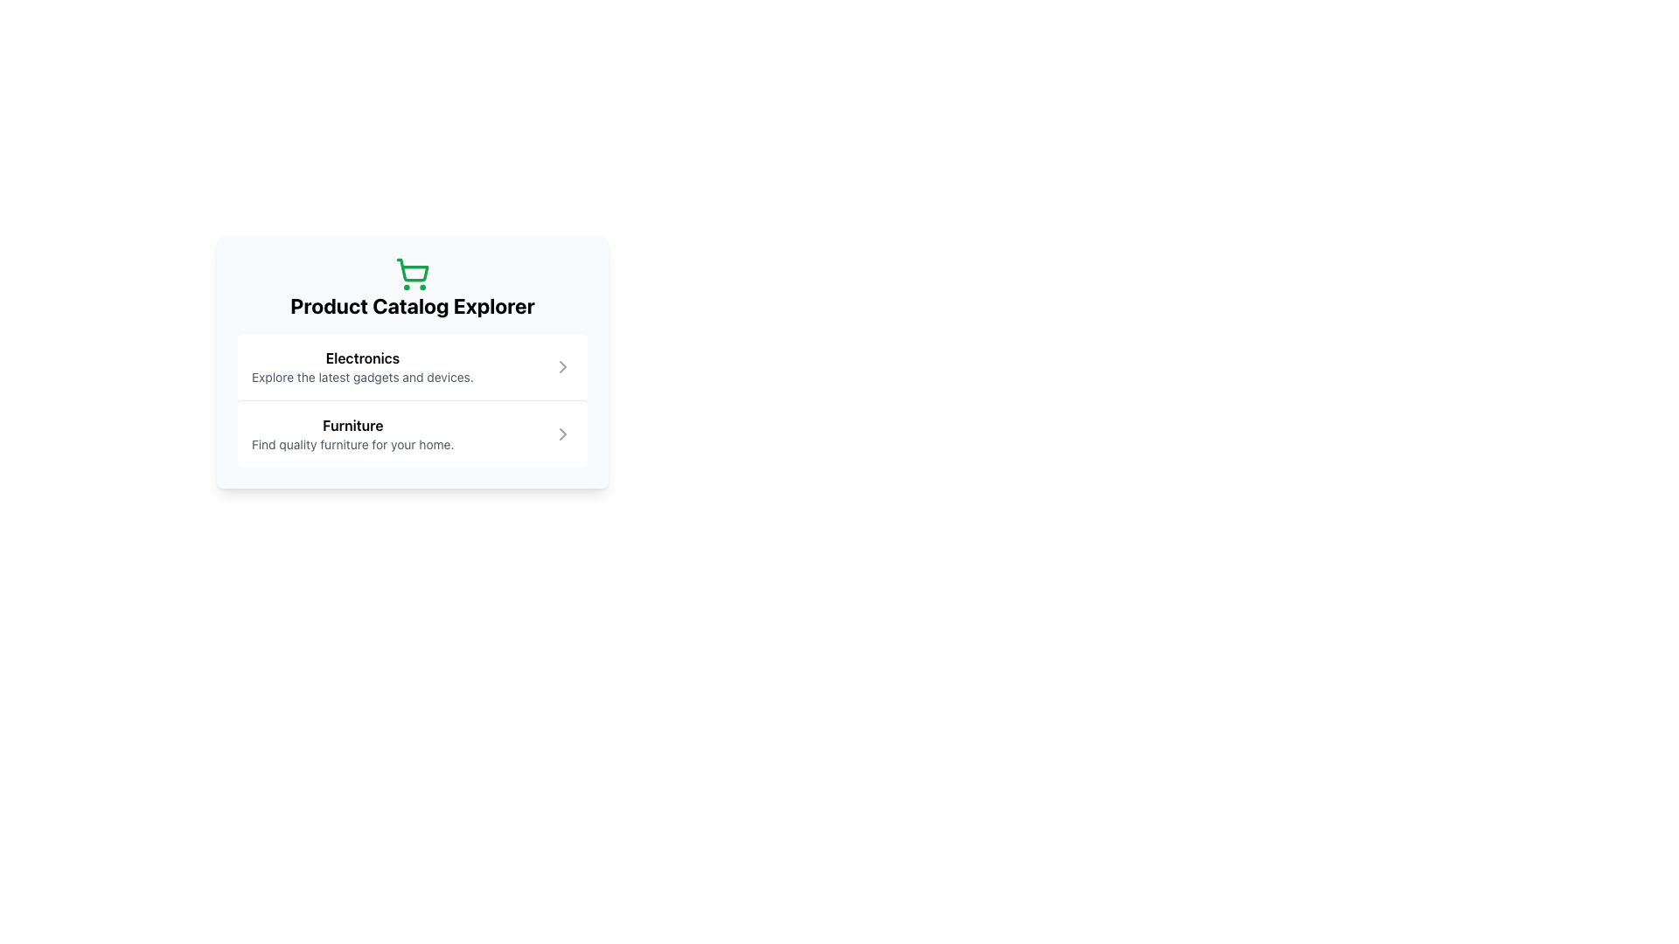 This screenshot has width=1679, height=944. What do you see at coordinates (361, 357) in the screenshot?
I see `the Text Label that serves as a title for the electronics section, positioned above the text 'Explore the latest gadgets and devices.'` at bounding box center [361, 357].